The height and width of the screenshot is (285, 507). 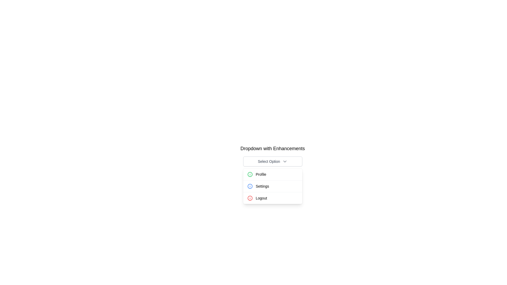 I want to click on the 'Settings' text label, which is the second item in the dropdown menu, located below 'Profile' and above 'Logout', so click(x=262, y=186).